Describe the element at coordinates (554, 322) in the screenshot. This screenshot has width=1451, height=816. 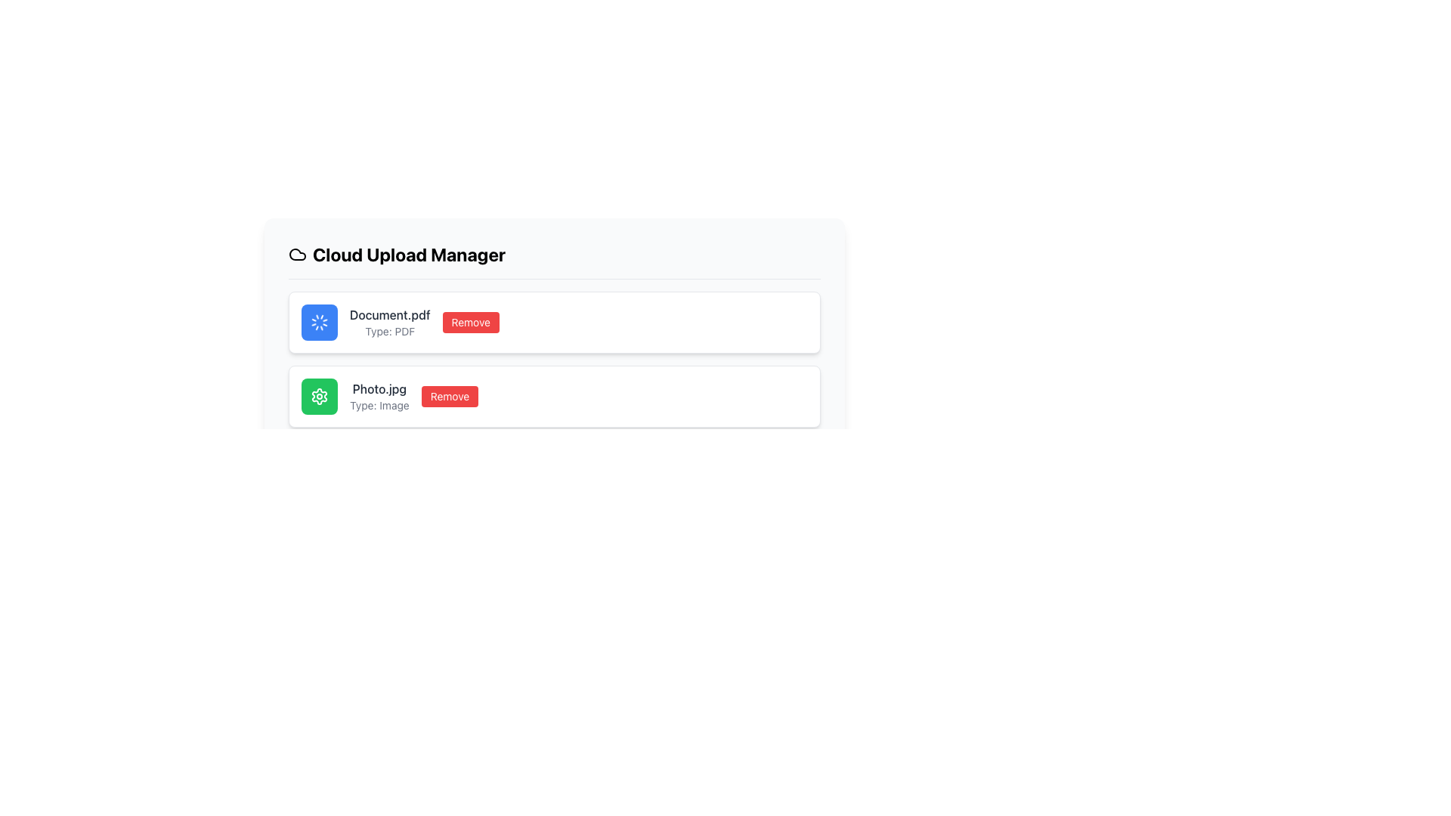
I see `file details from the first File Entry Display with Action Control, which shows 'Document.pdf' and 'Type: PDF'` at that location.